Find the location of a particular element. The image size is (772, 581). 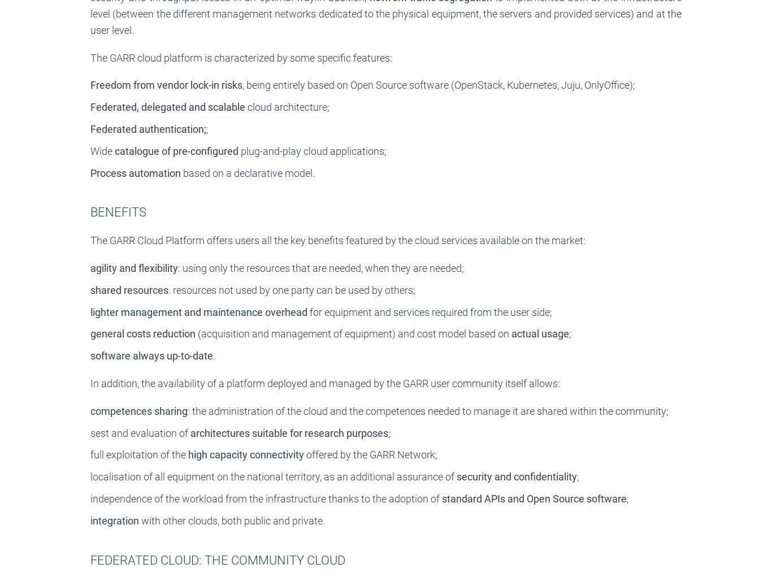

': resources not used by one party can be used by others;' is located at coordinates (168, 289).